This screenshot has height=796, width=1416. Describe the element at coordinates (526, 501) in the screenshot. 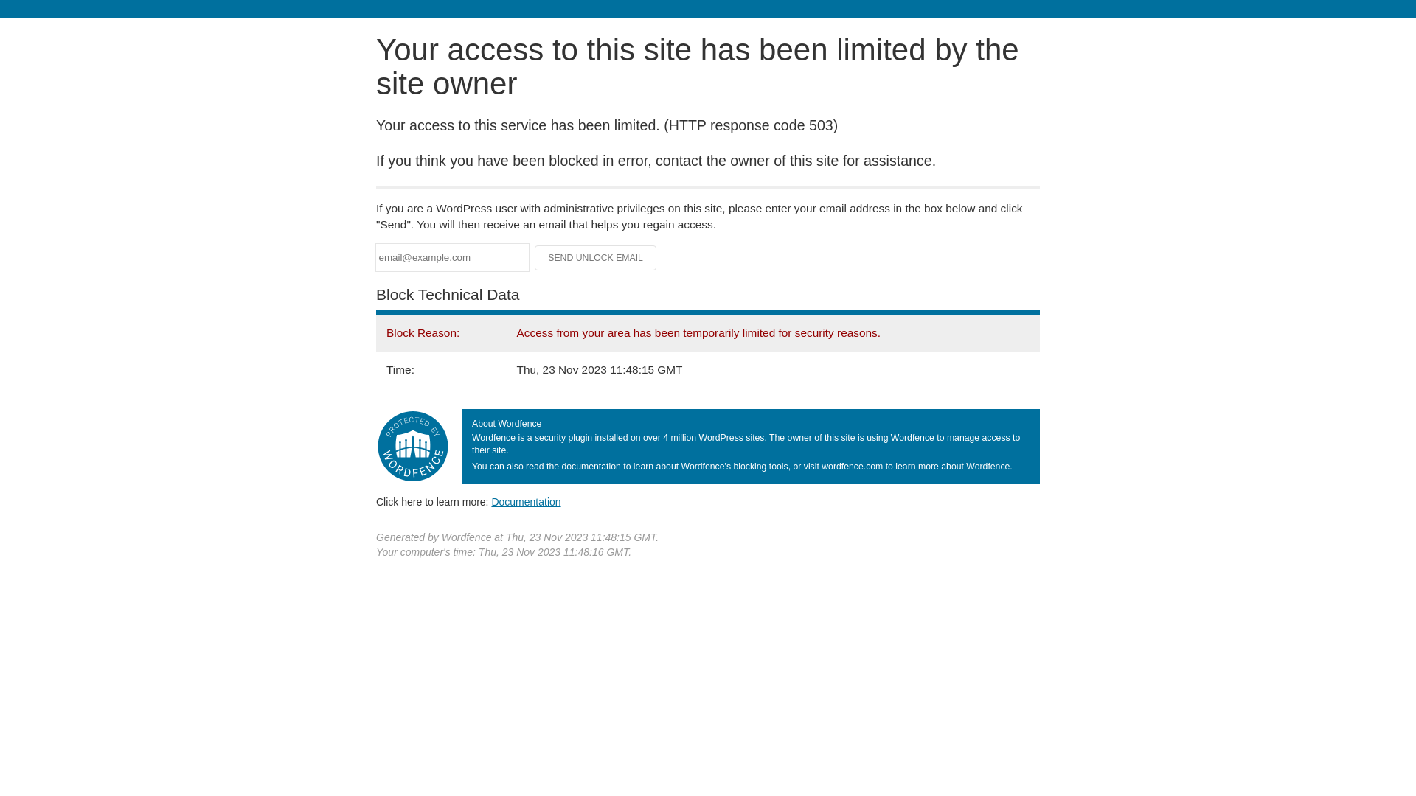

I see `'Documentation'` at that location.